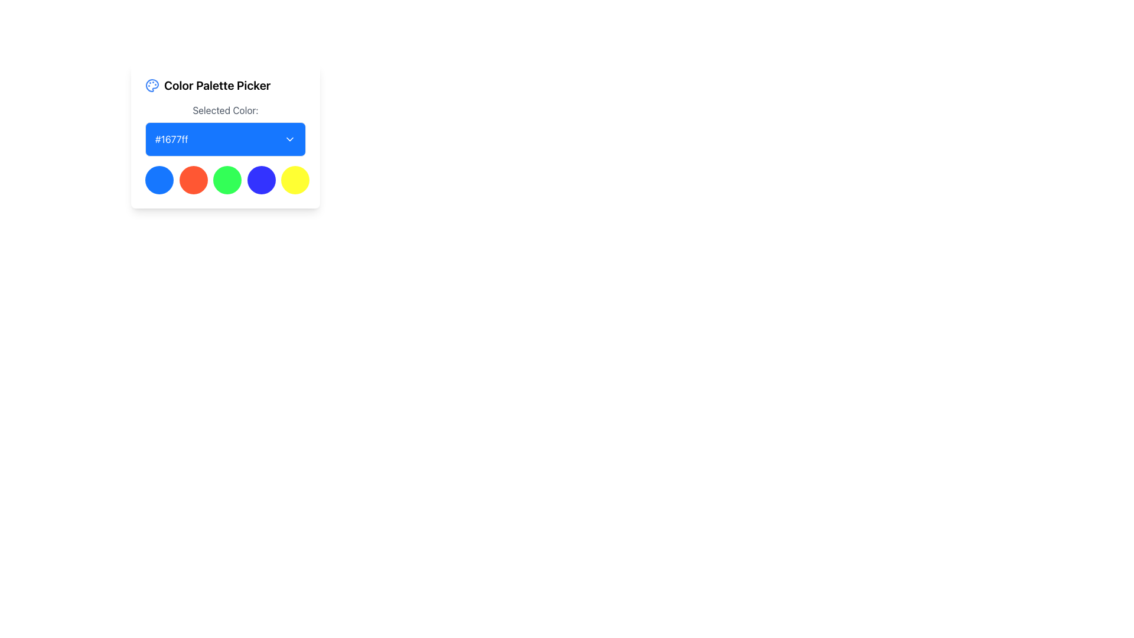 This screenshot has height=638, width=1134. Describe the element at coordinates (226, 110) in the screenshot. I see `the label that reads 'Selected Color:' styled with gray font, located above the color display box in the 'Color Palette Picker' section` at that location.